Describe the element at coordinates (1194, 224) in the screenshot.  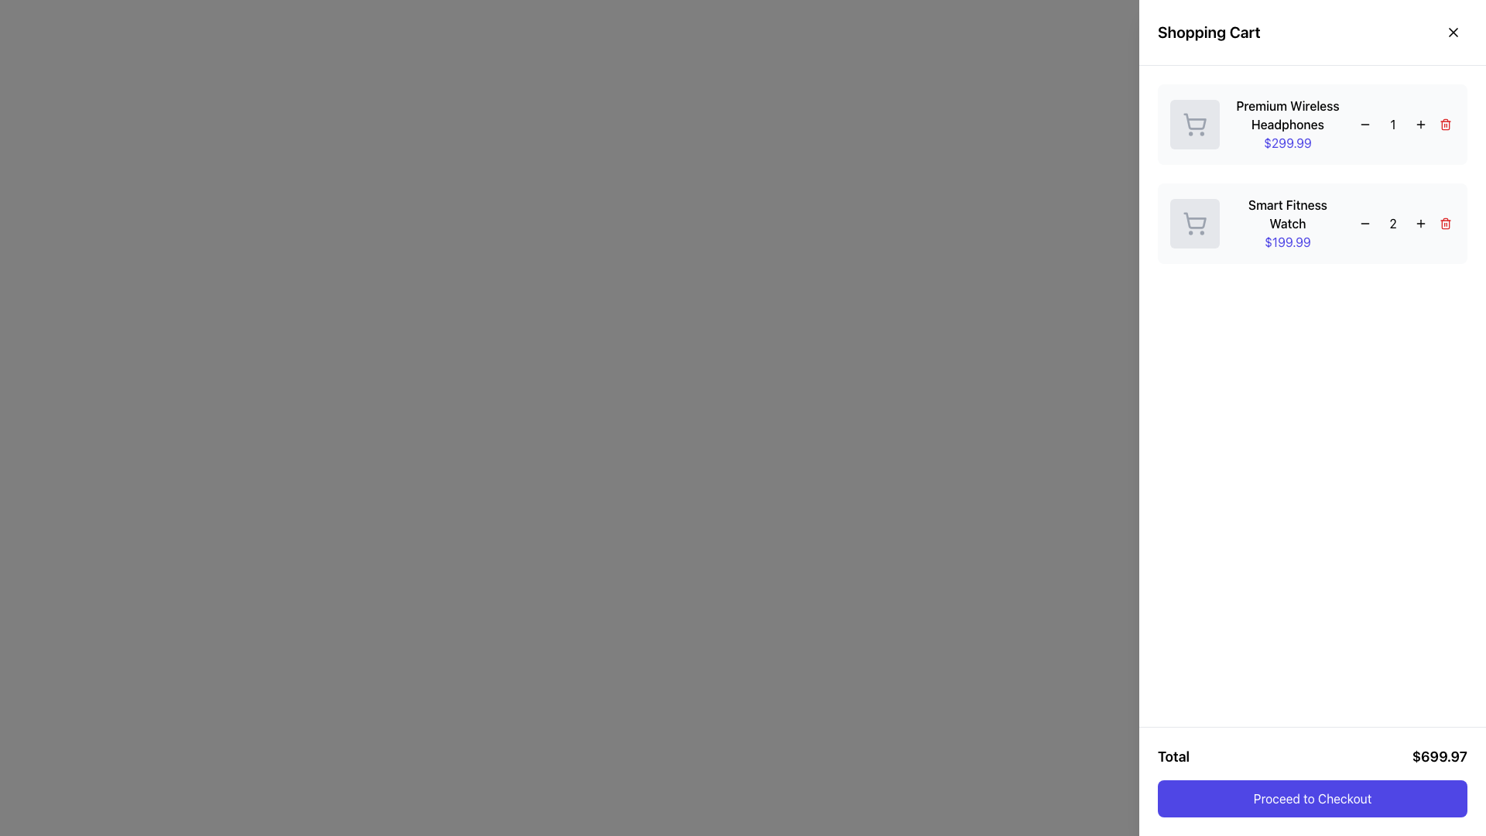
I see `the shopping cart icon located in the second product card on the left side, which serves as an indicative icon for the product category or type` at that location.